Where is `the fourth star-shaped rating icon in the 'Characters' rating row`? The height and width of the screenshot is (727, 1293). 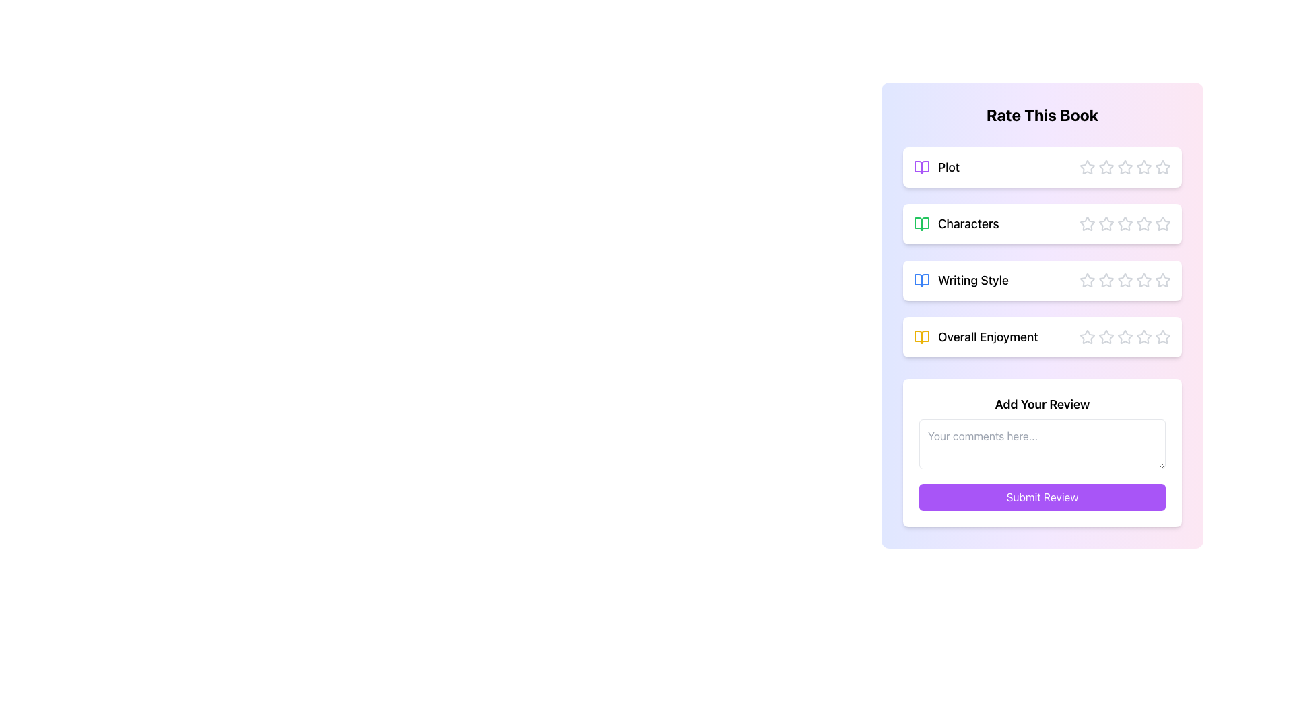 the fourth star-shaped rating icon in the 'Characters' rating row is located at coordinates (1143, 222).